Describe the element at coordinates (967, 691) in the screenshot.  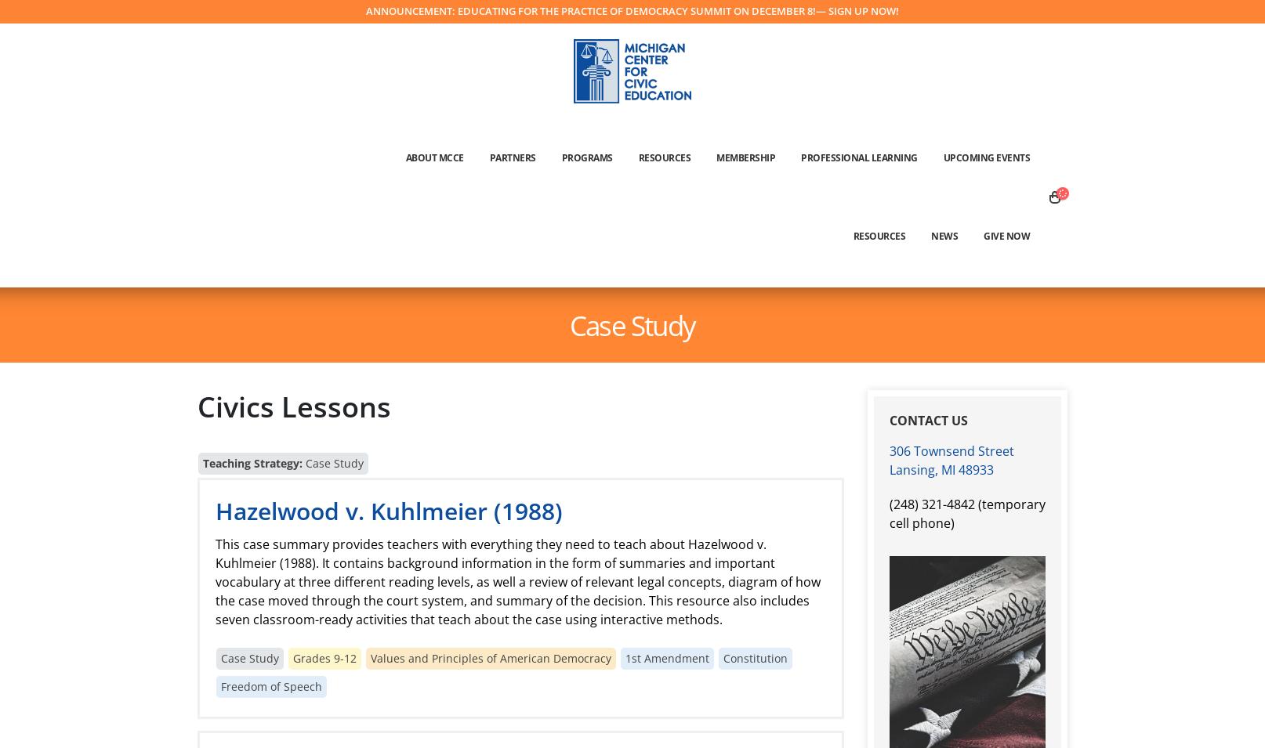
I see `'Donate Now'` at that location.